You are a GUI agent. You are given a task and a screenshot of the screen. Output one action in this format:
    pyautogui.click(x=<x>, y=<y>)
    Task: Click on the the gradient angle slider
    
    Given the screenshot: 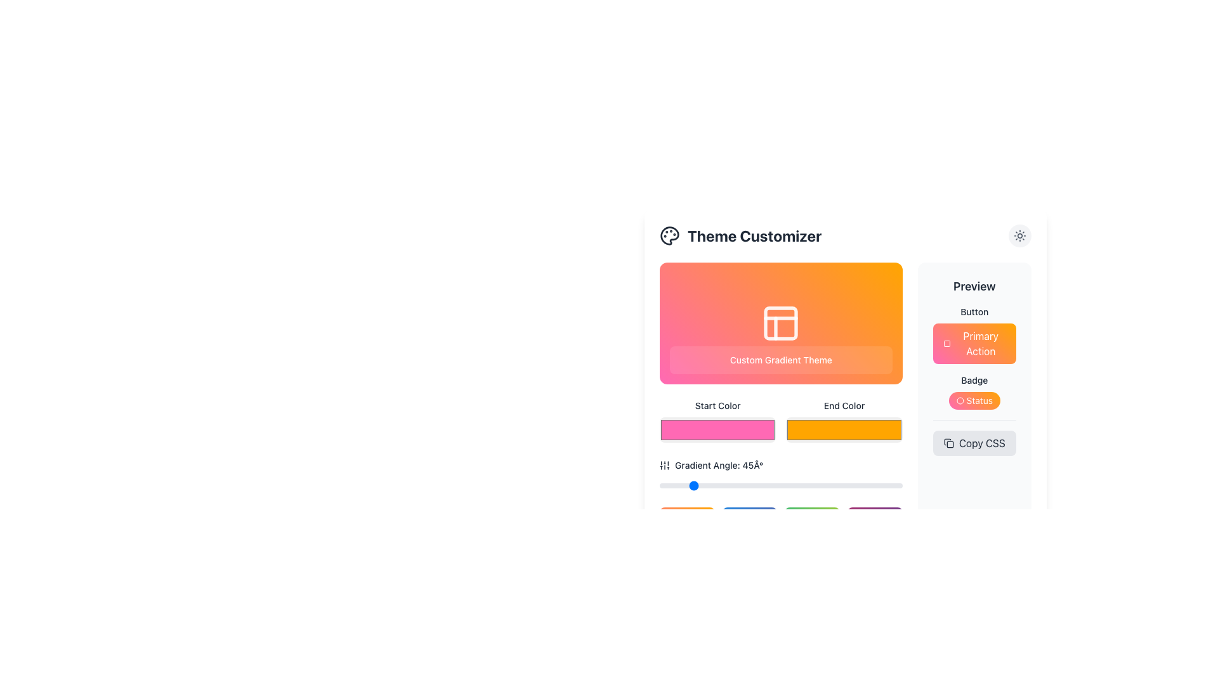 What is the action you would take?
    pyautogui.click(x=867, y=485)
    